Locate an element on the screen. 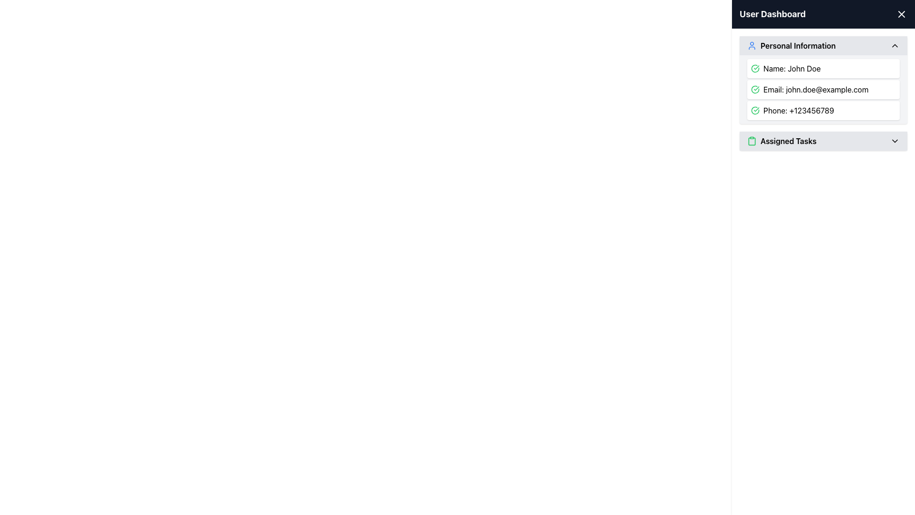 The image size is (915, 515). information contained in the 'Personal Information' panel, which has a light-gray background and includes entries for Name, Email, and Phone is located at coordinates (823, 80).